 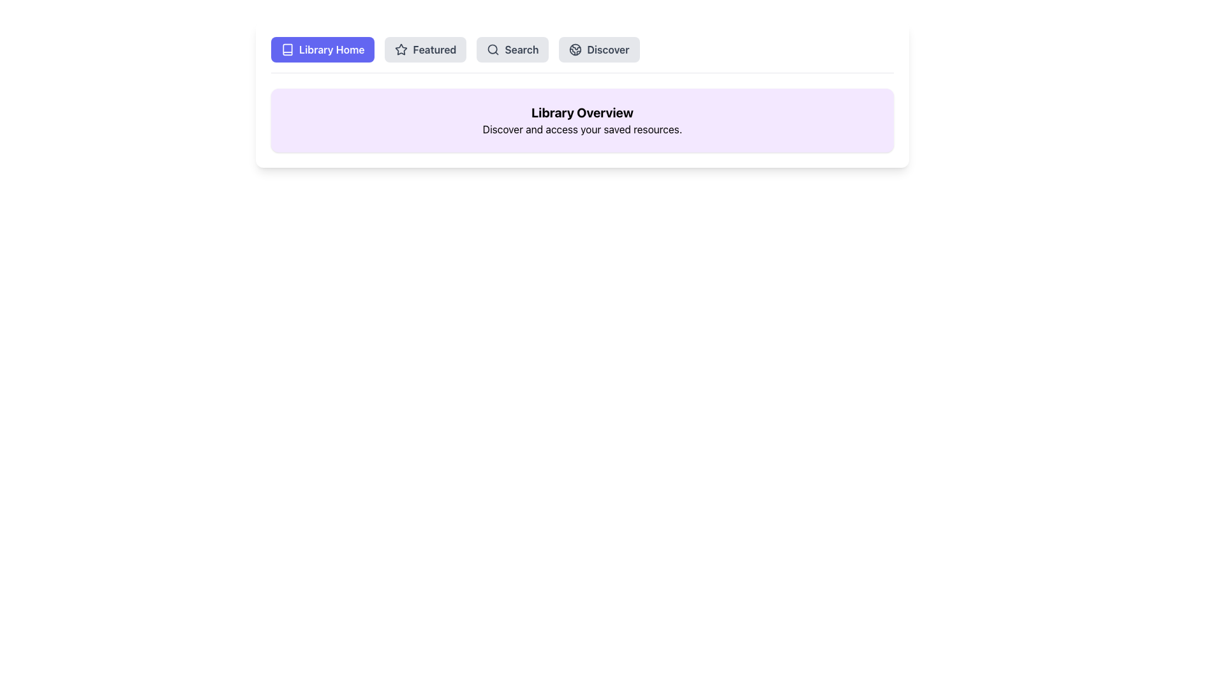 What do you see at coordinates (426, 48) in the screenshot?
I see `the 'Featured' button, which is the second button in a row of four buttons` at bounding box center [426, 48].